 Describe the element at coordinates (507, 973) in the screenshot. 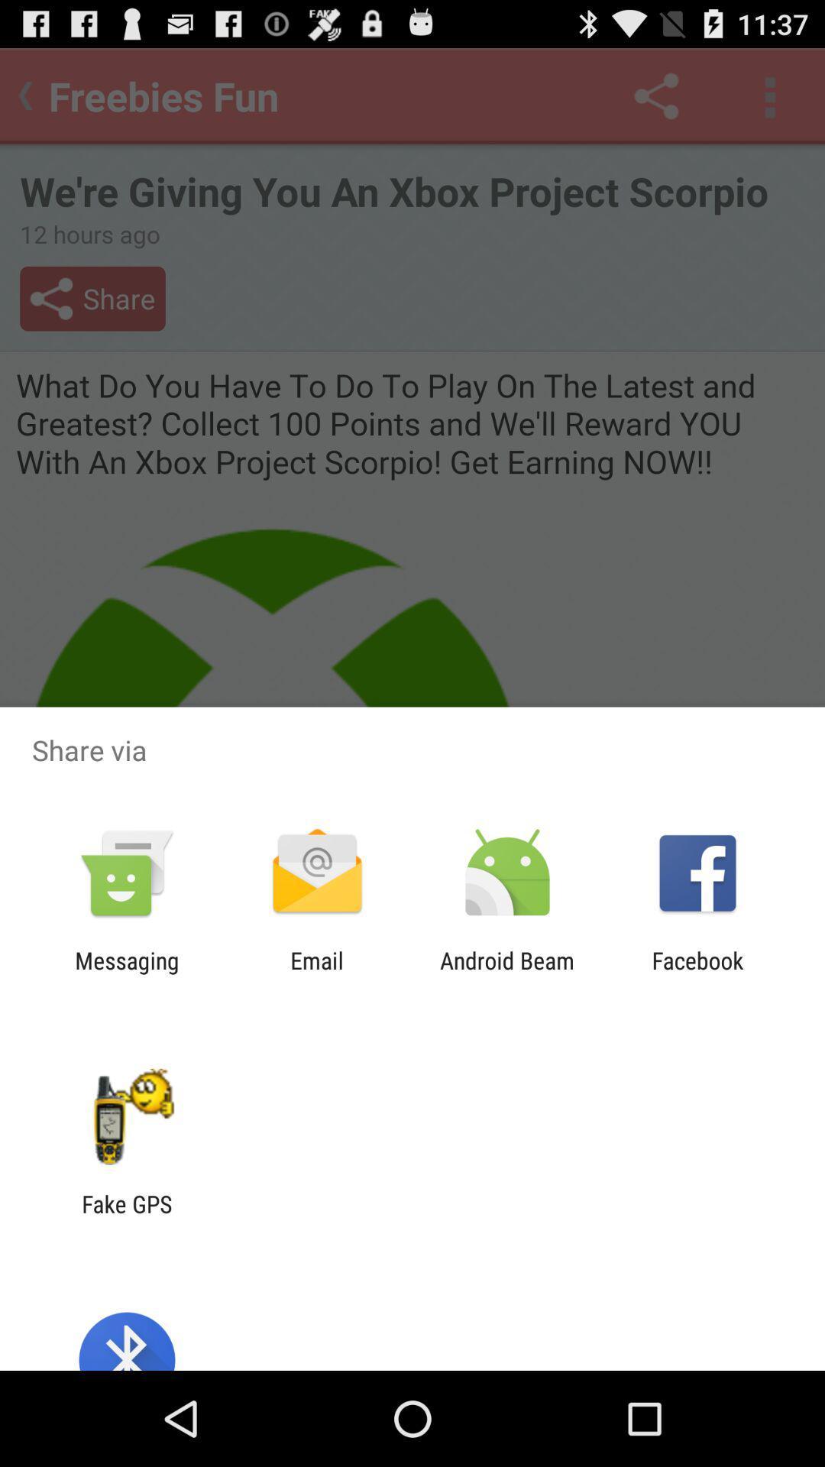

I see `android beam icon` at that location.